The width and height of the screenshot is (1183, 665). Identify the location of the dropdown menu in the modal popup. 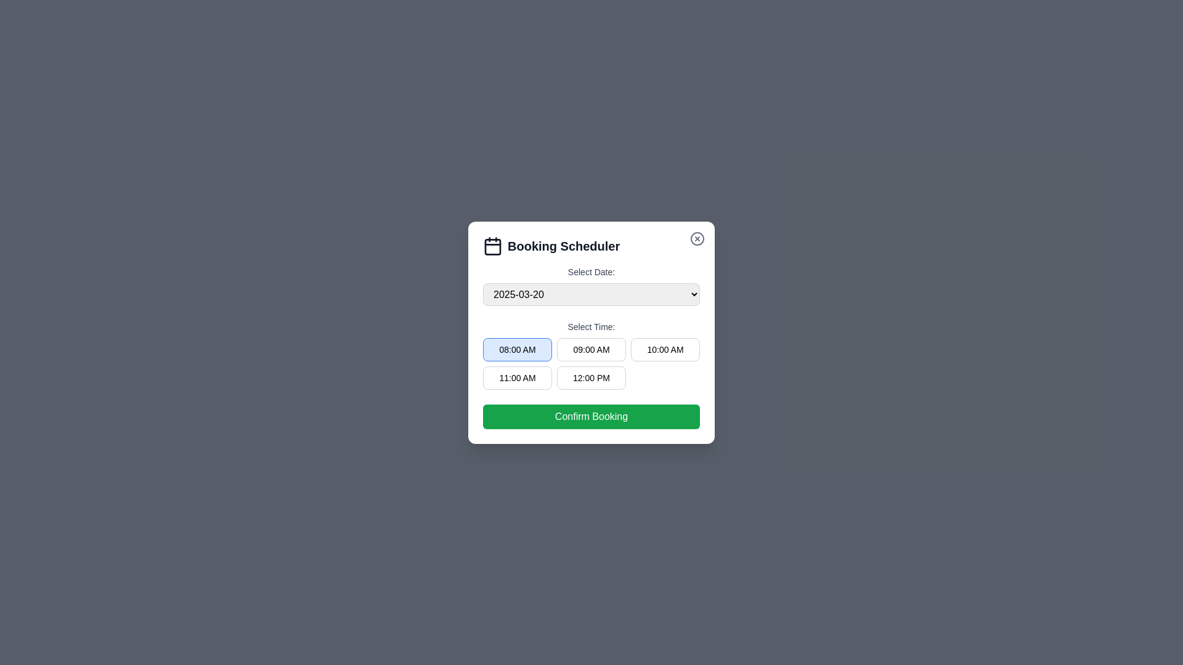
(591, 332).